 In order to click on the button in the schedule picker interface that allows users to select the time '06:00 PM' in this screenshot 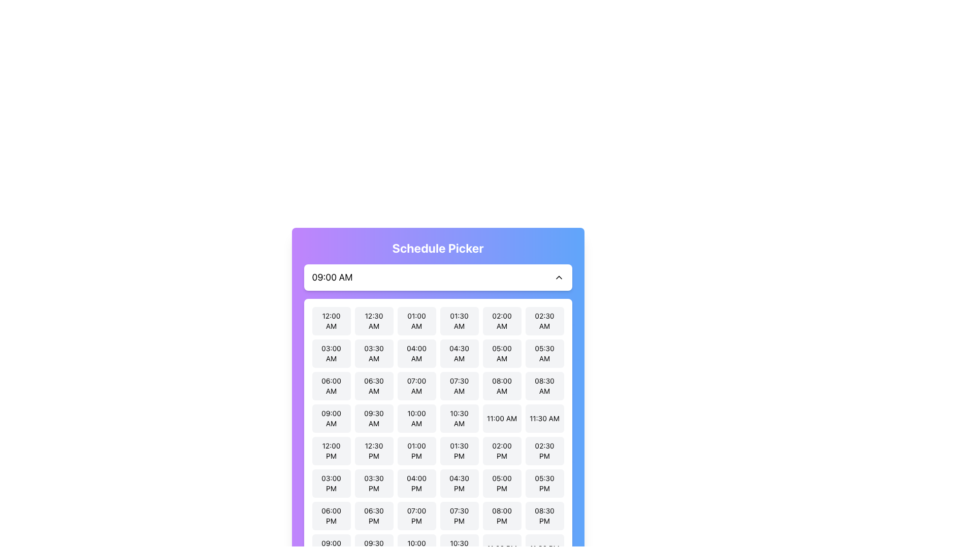, I will do `click(331, 516)`.